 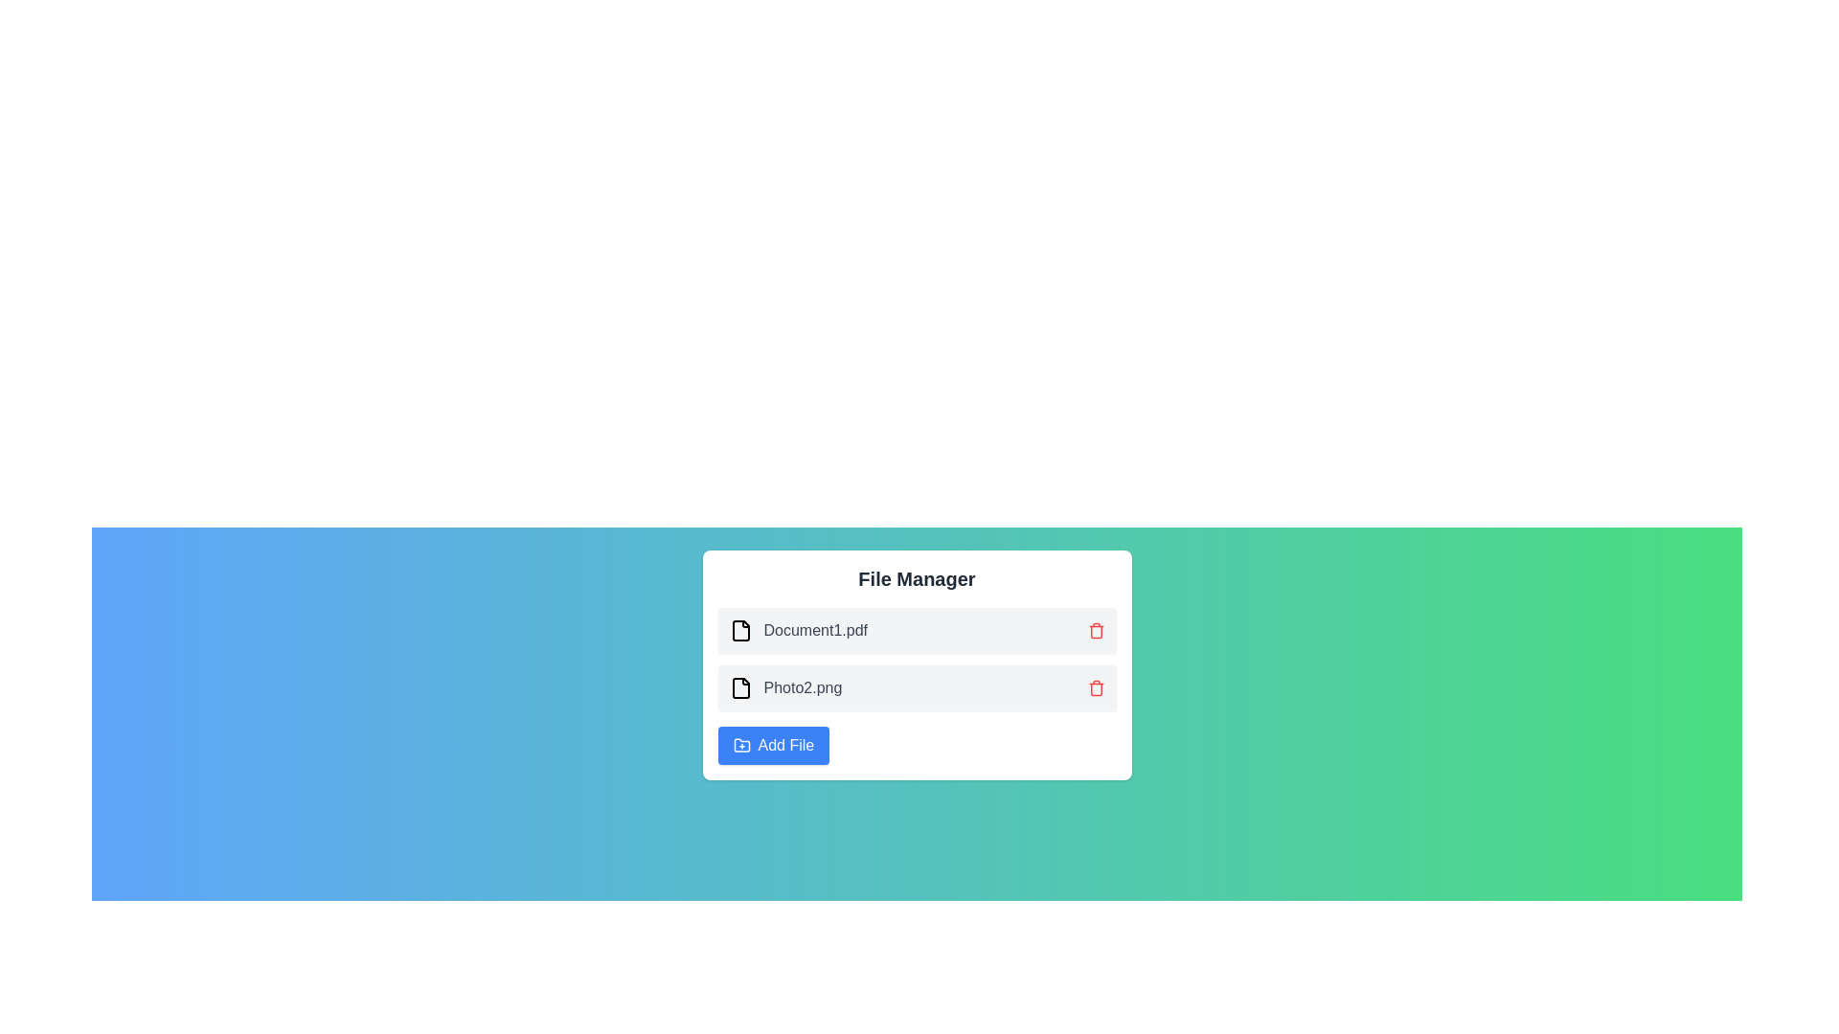 I want to click on the file representation icon for 'Photo2.png', located in the file management interface, positioned adjacent to the file name on the left side, so click(x=739, y=686).